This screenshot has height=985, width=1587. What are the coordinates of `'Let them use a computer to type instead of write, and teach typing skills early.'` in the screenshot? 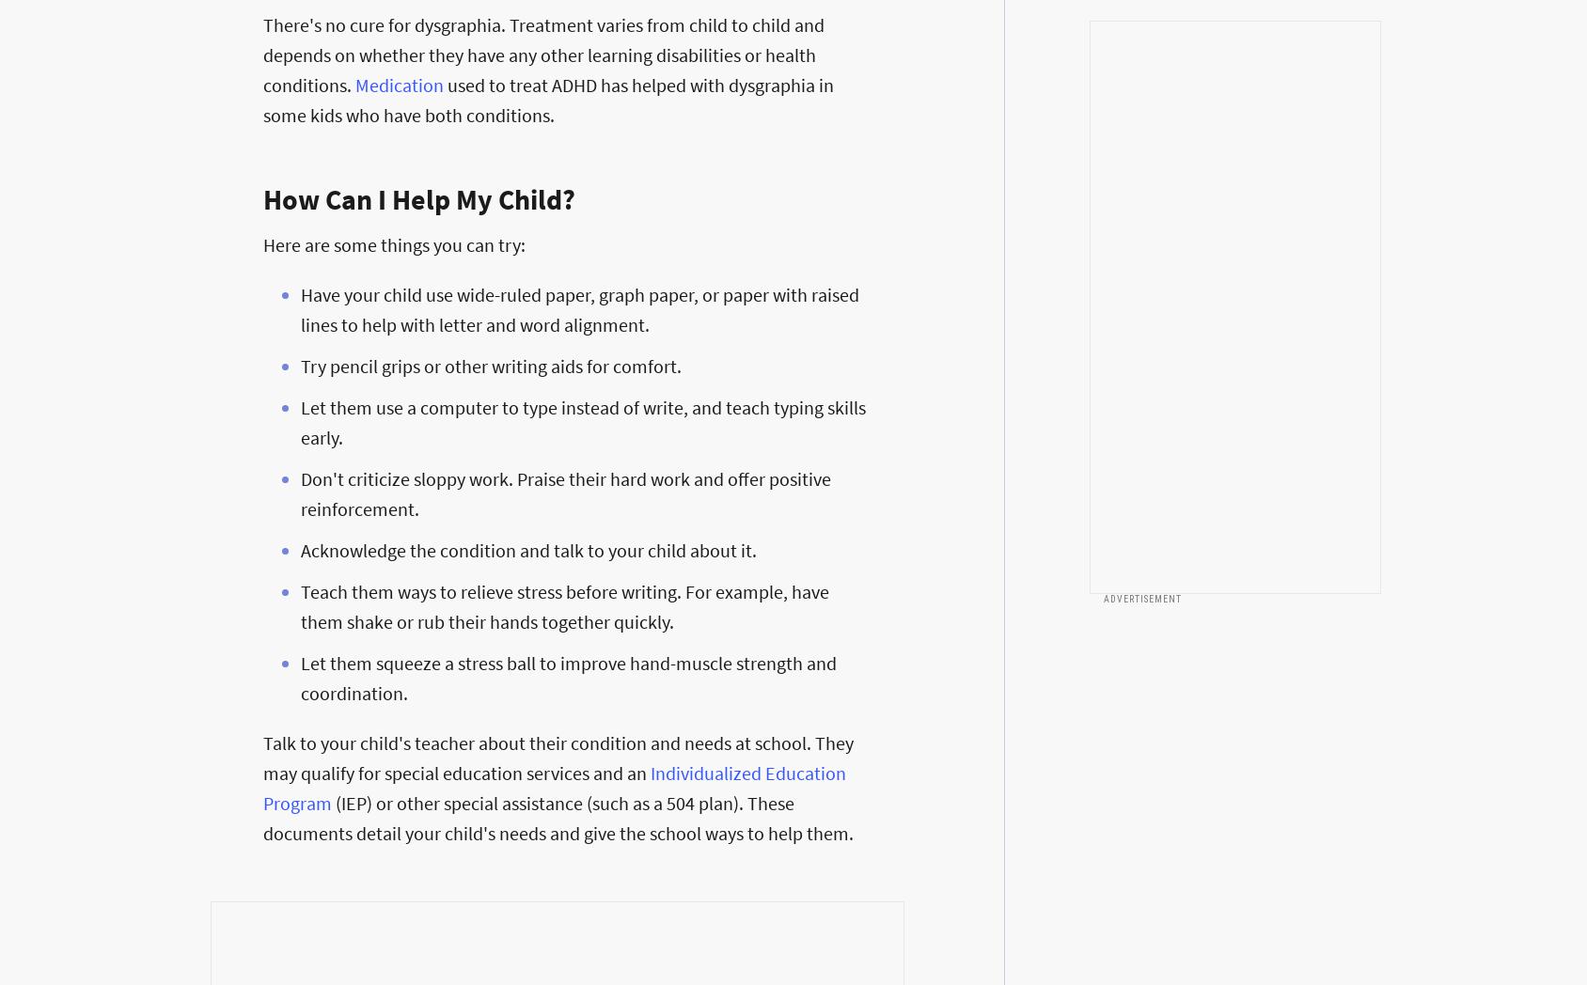 It's located at (583, 421).